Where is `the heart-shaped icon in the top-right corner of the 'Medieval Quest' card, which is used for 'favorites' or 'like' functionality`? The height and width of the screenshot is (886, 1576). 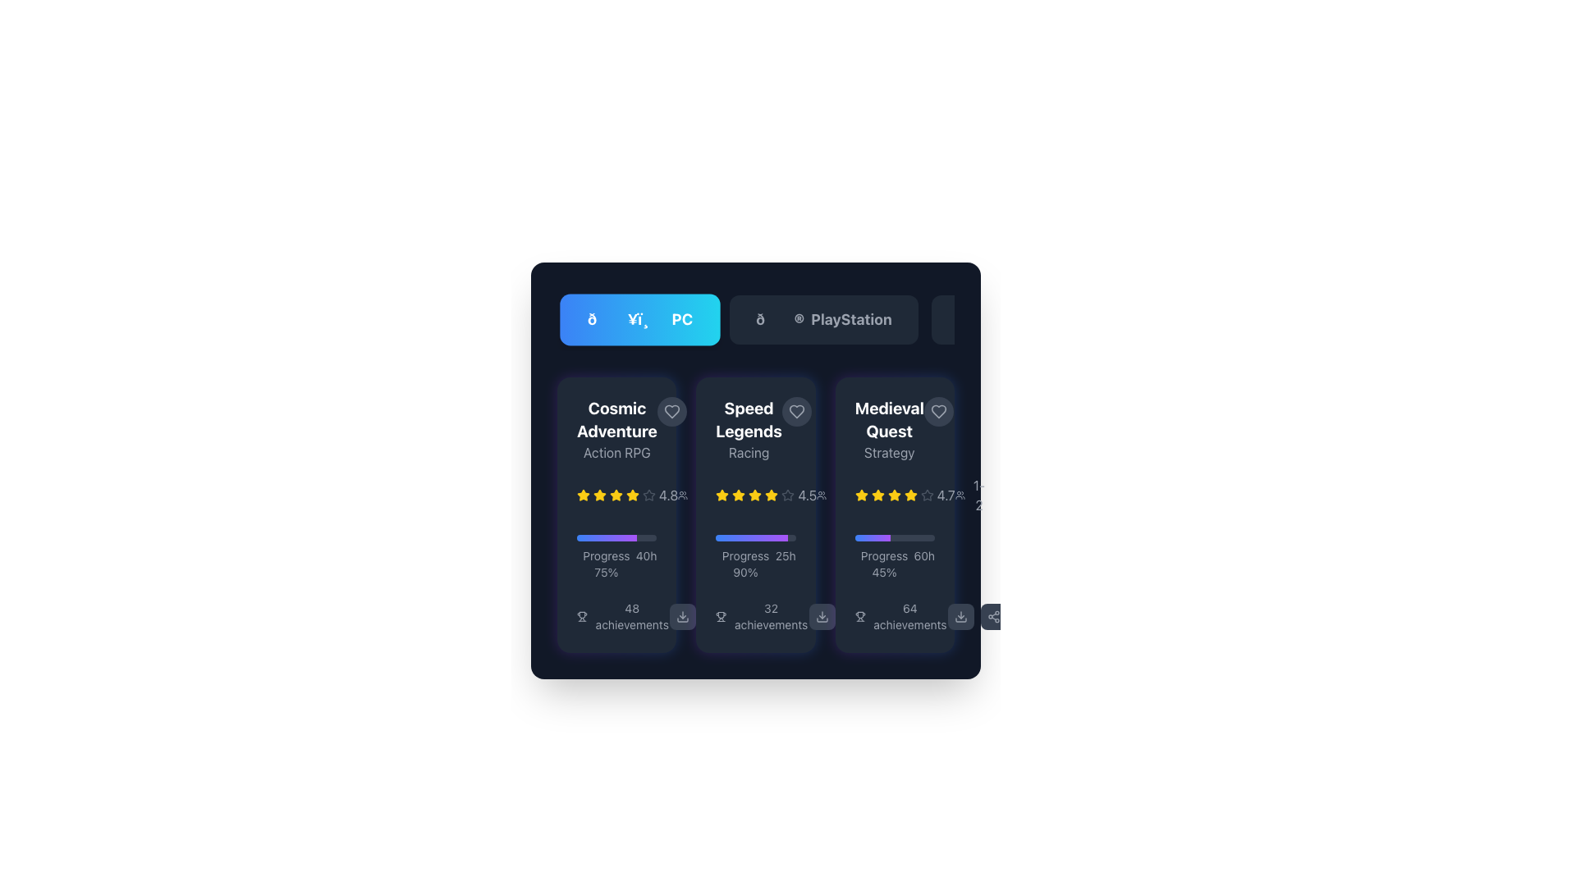
the heart-shaped icon in the top-right corner of the 'Medieval Quest' card, which is used for 'favorites' or 'like' functionality is located at coordinates (938, 410).